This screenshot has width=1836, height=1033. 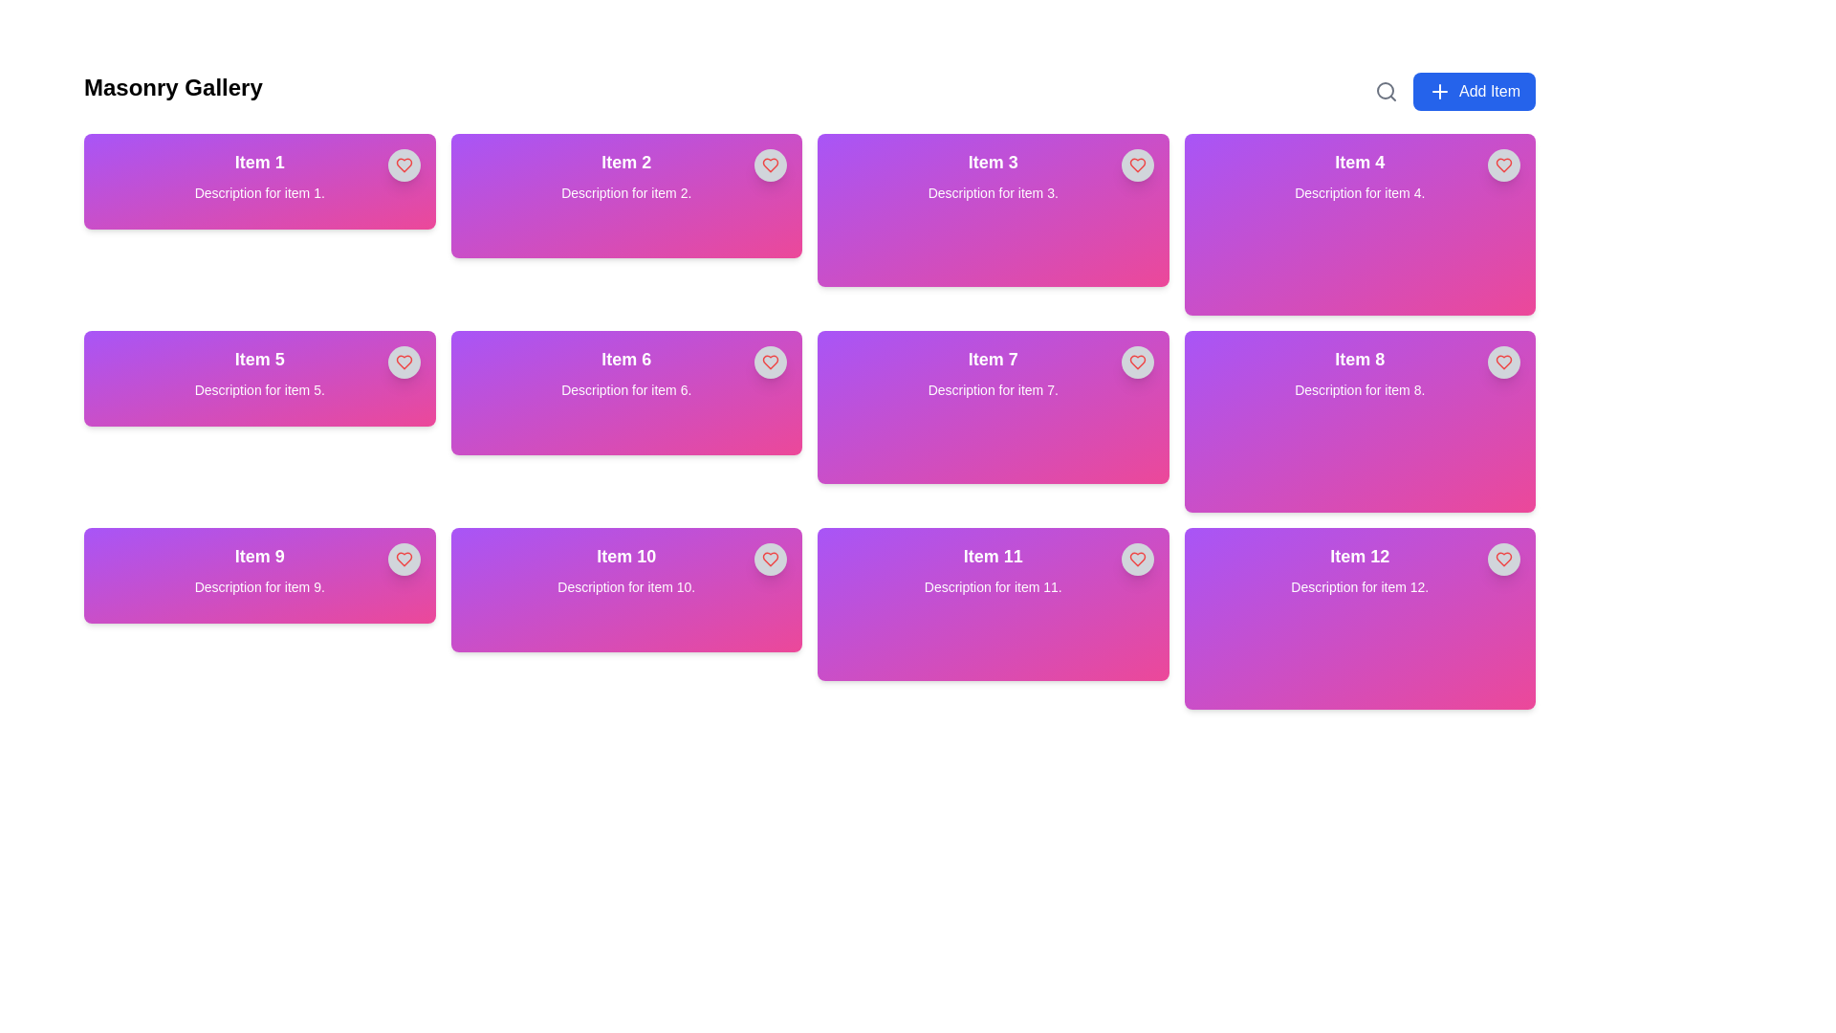 What do you see at coordinates (1137, 362) in the screenshot?
I see `the heart-shaped icon within the button located at the top-right corner of the card labeled 'Item 7: Description for item 7'` at bounding box center [1137, 362].